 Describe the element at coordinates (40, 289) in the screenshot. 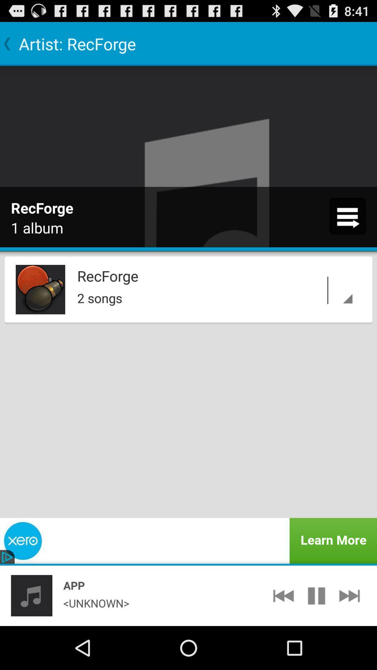

I see `icon next to the recforge app` at that location.